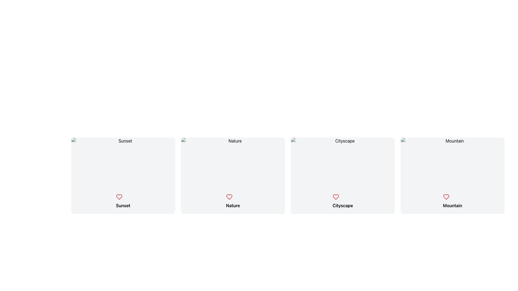 This screenshot has height=291, width=518. What do you see at coordinates (229, 197) in the screenshot?
I see `the outlined heart-shaped icon with a red border representing a 'like' action located above the 'Nature' label` at bounding box center [229, 197].